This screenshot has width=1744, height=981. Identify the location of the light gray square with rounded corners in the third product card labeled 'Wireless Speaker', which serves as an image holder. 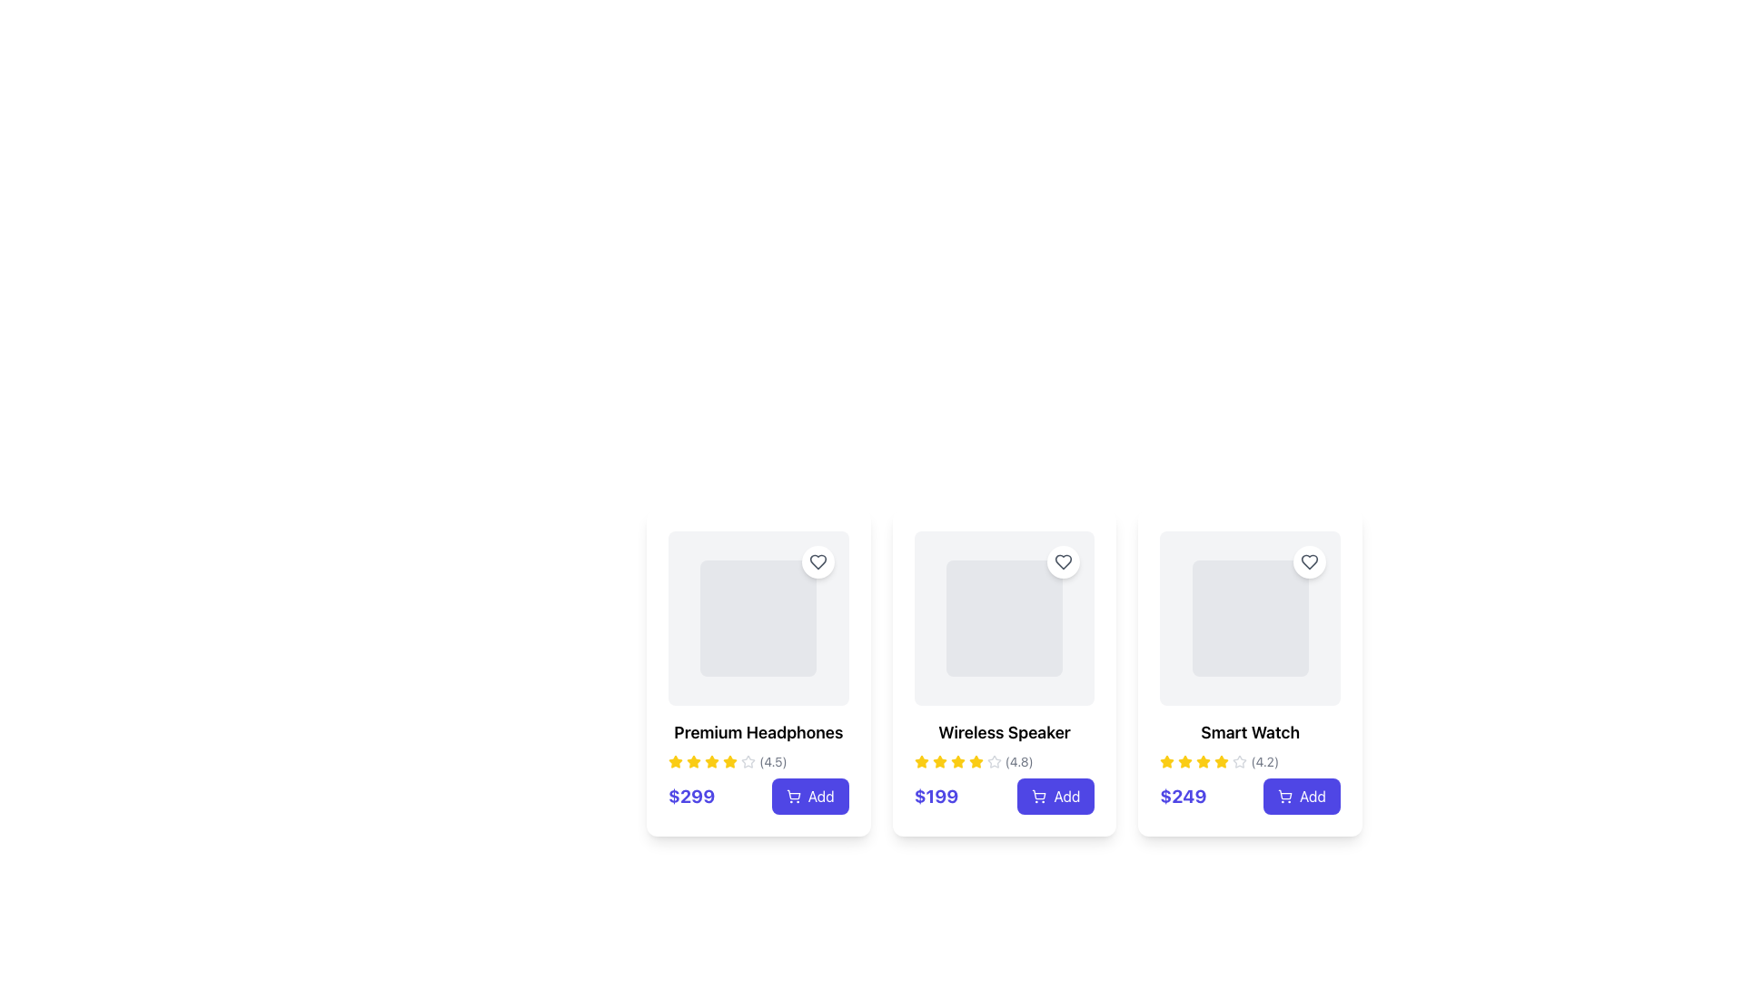
(1003, 618).